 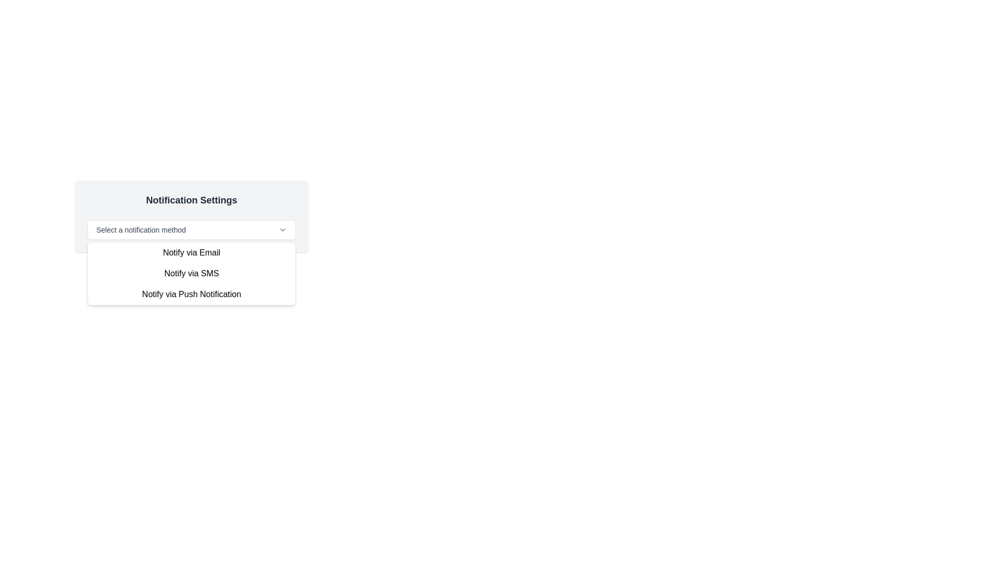 What do you see at coordinates (192, 216) in the screenshot?
I see `the dropdown menu in the notification settings card` at bounding box center [192, 216].